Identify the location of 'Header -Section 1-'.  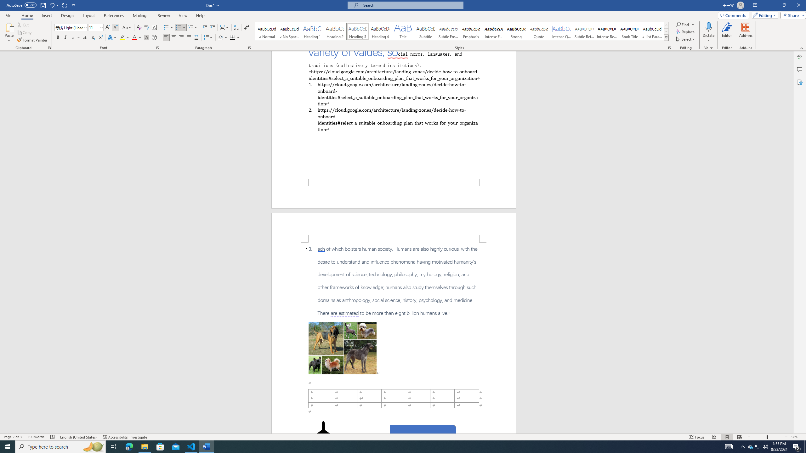
(394, 227).